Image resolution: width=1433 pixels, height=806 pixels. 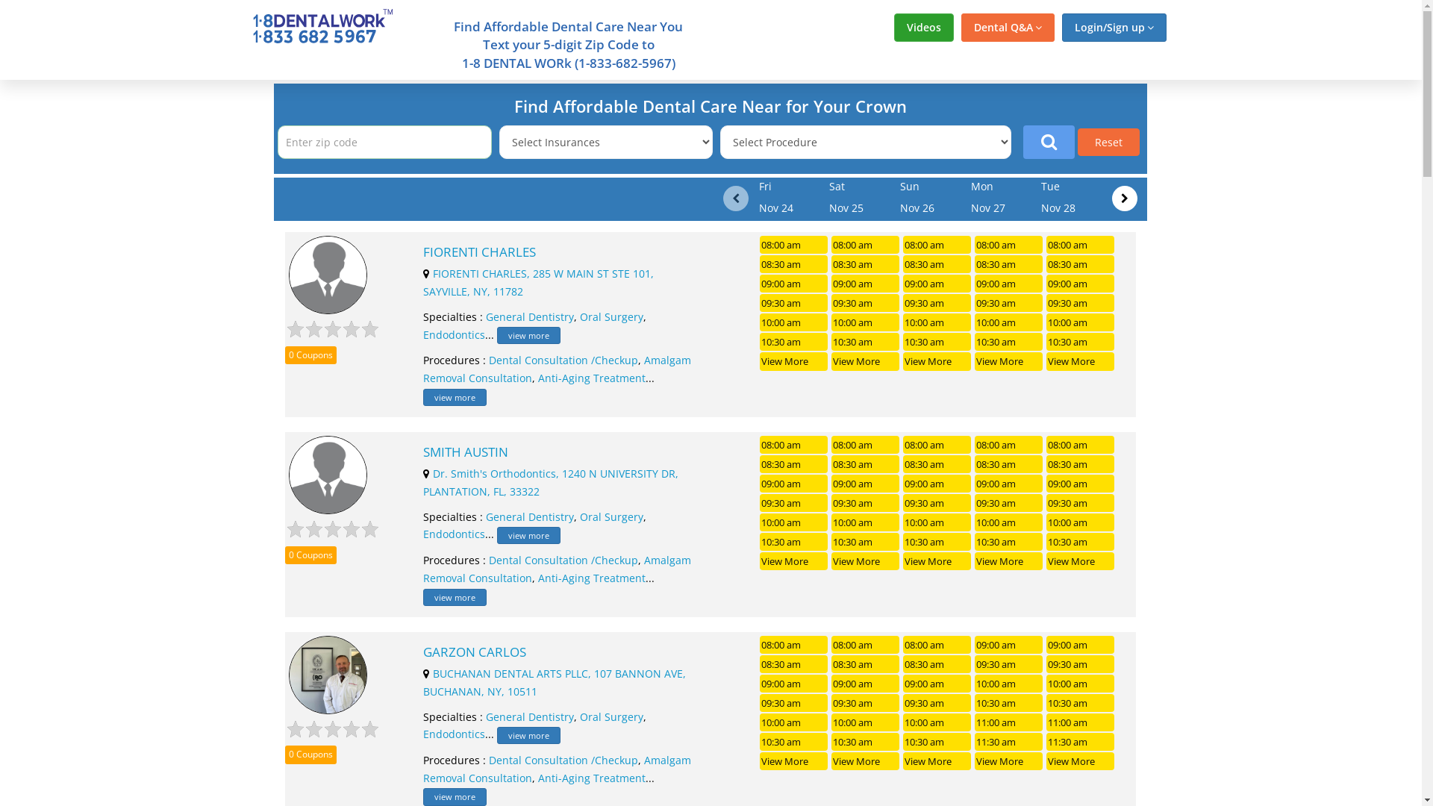 What do you see at coordinates (865, 263) in the screenshot?
I see `'08:30 am'` at bounding box center [865, 263].